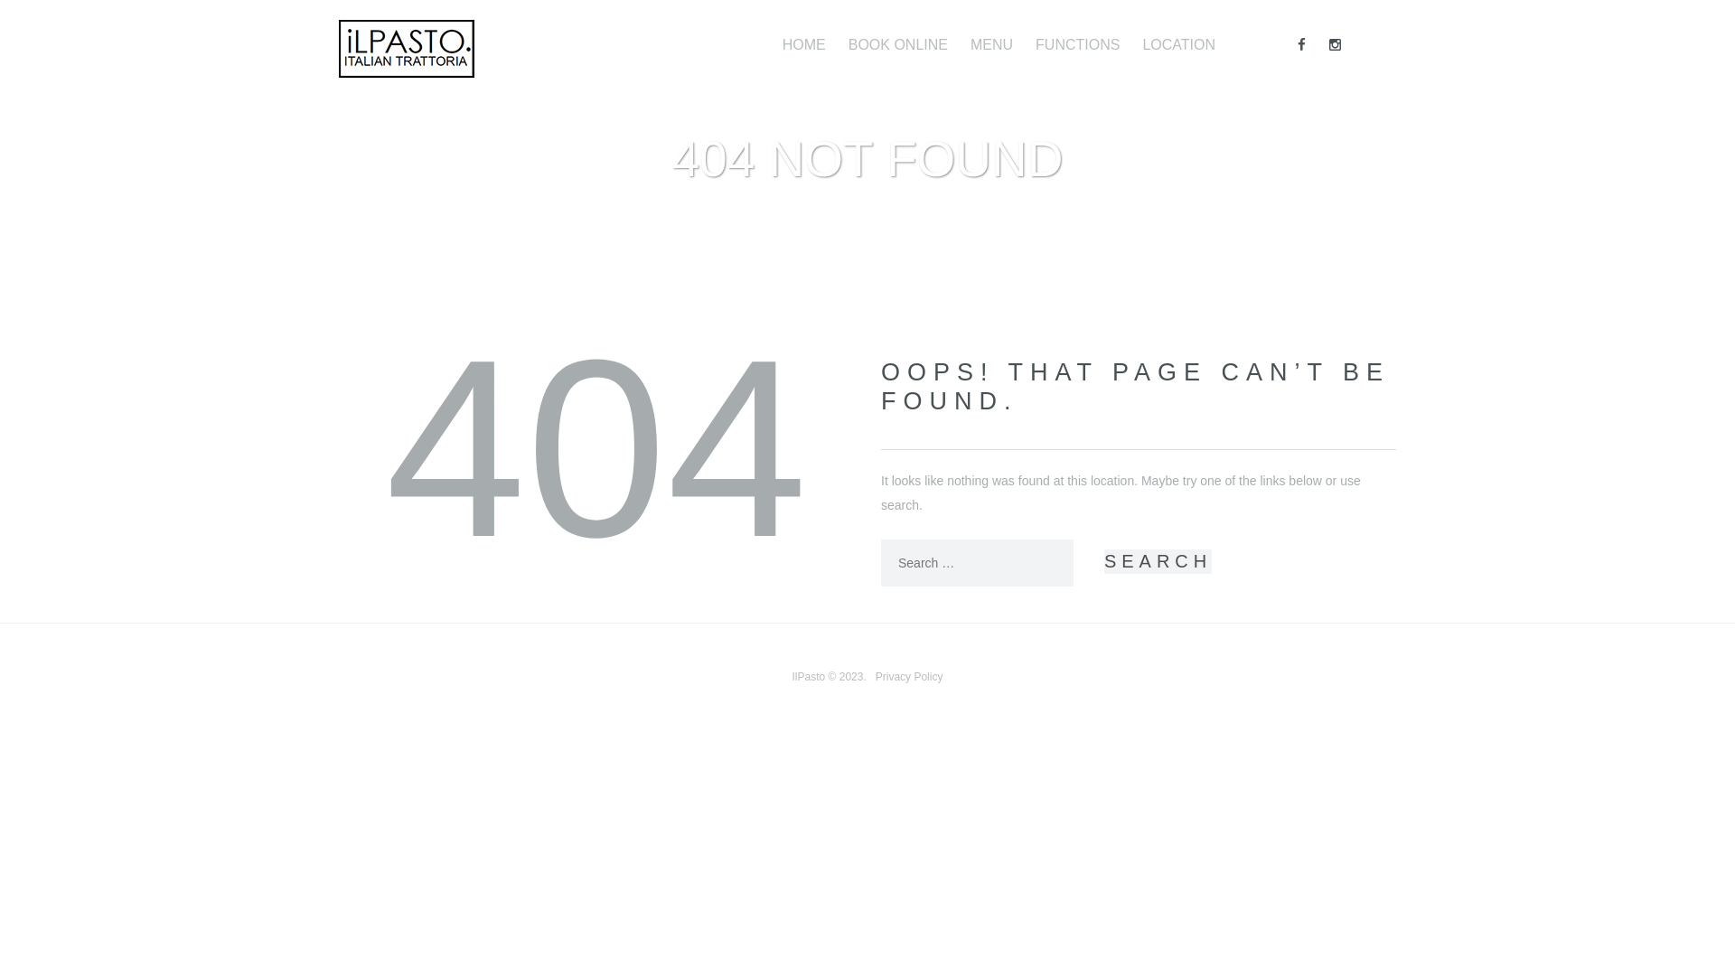 The height and width of the screenshot is (976, 1735). Describe the element at coordinates (990, 44) in the screenshot. I see `'MENU'` at that location.